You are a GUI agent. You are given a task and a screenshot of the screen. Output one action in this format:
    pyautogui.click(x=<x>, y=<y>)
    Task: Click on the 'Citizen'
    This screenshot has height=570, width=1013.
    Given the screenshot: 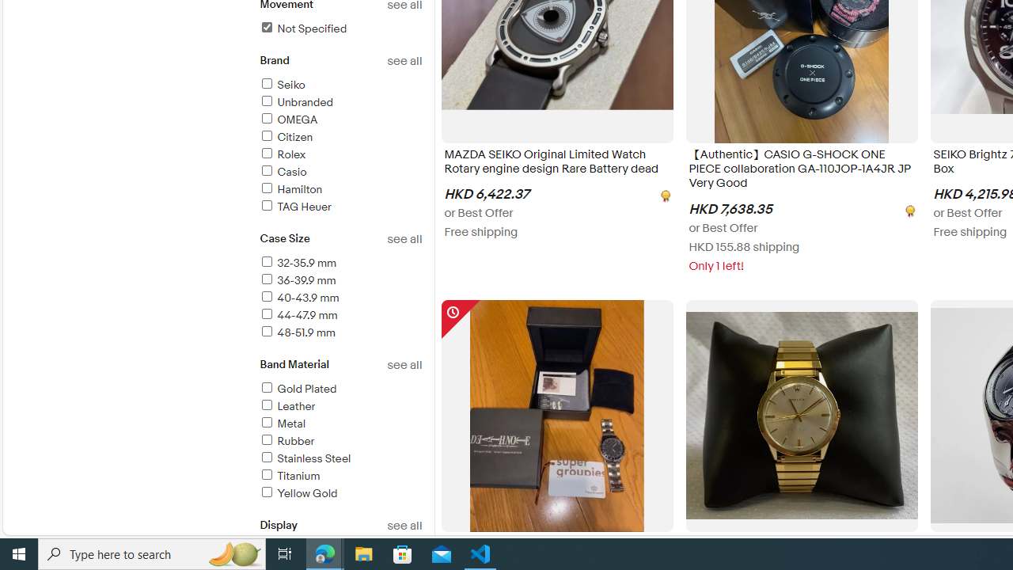 What is the action you would take?
    pyautogui.click(x=340, y=137)
    